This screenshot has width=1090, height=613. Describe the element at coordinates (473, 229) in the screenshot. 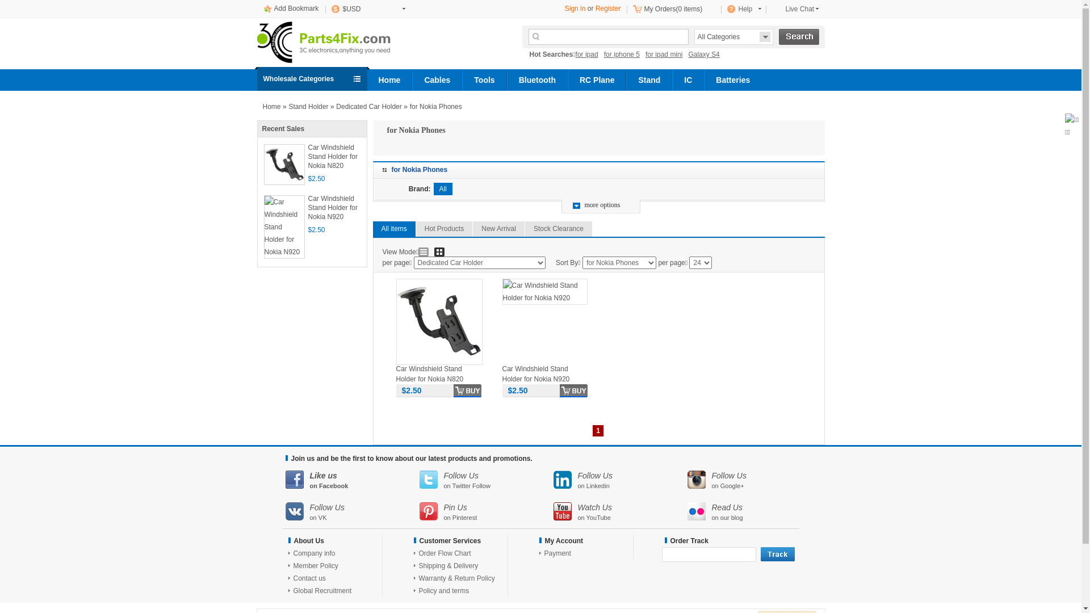

I see `'New Arrival'` at that location.